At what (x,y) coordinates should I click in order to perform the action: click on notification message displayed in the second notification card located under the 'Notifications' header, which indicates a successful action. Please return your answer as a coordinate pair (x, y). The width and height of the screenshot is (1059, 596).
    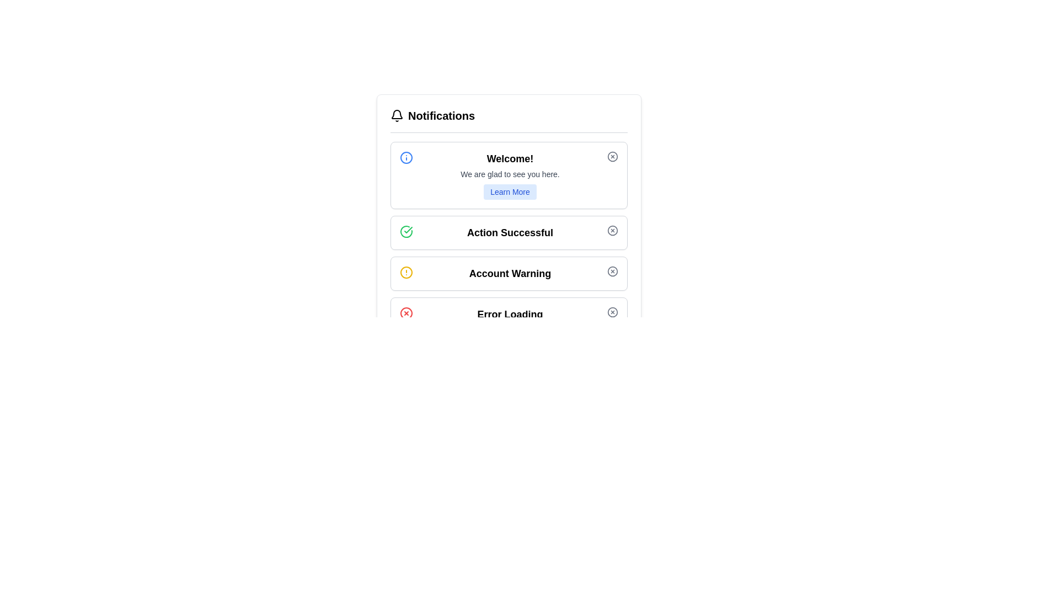
    Looking at the image, I should click on (510, 232).